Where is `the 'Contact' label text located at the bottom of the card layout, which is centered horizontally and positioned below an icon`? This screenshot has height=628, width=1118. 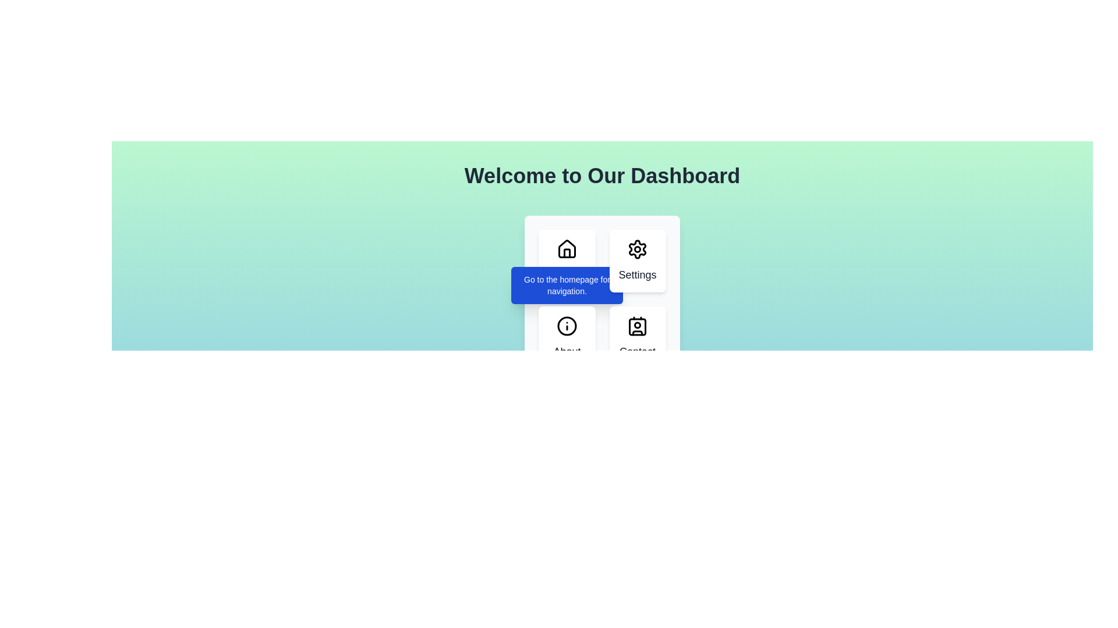 the 'Contact' label text located at the bottom of the card layout, which is centered horizontally and positioned below an icon is located at coordinates (636, 351).